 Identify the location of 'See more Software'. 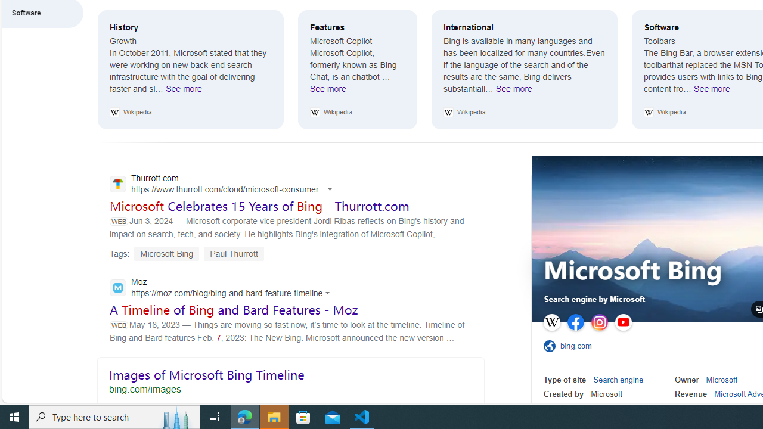
(712, 91).